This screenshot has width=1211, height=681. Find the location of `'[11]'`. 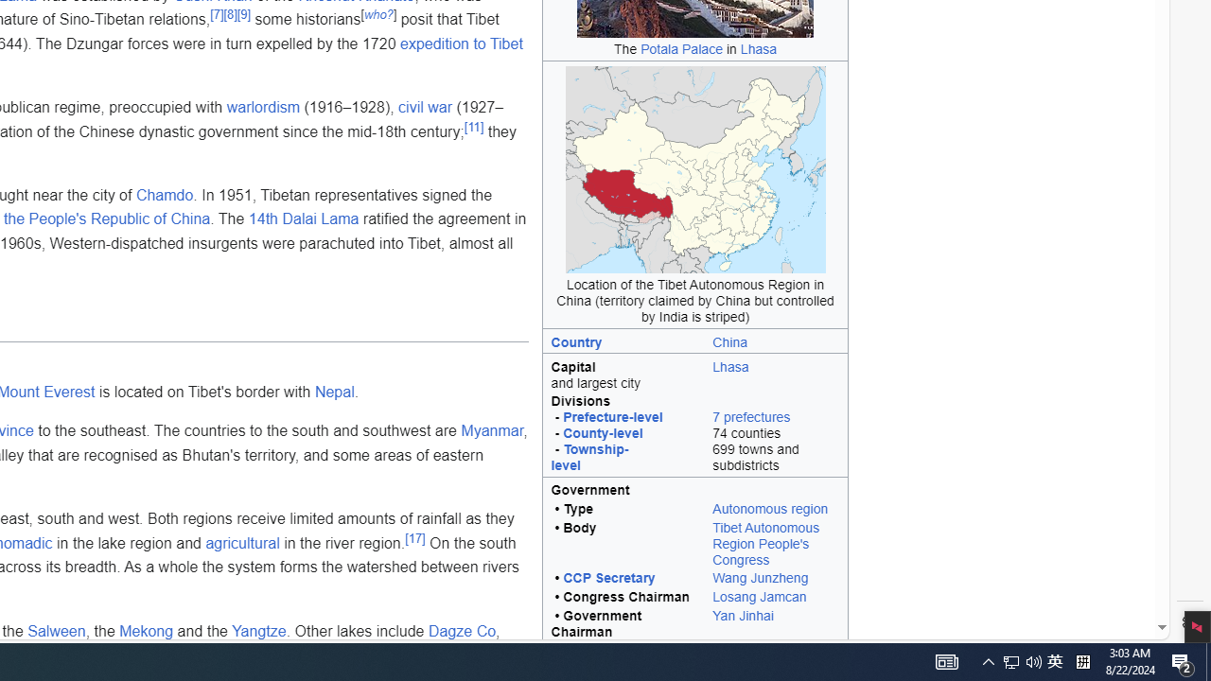

'[11]' is located at coordinates (474, 126).